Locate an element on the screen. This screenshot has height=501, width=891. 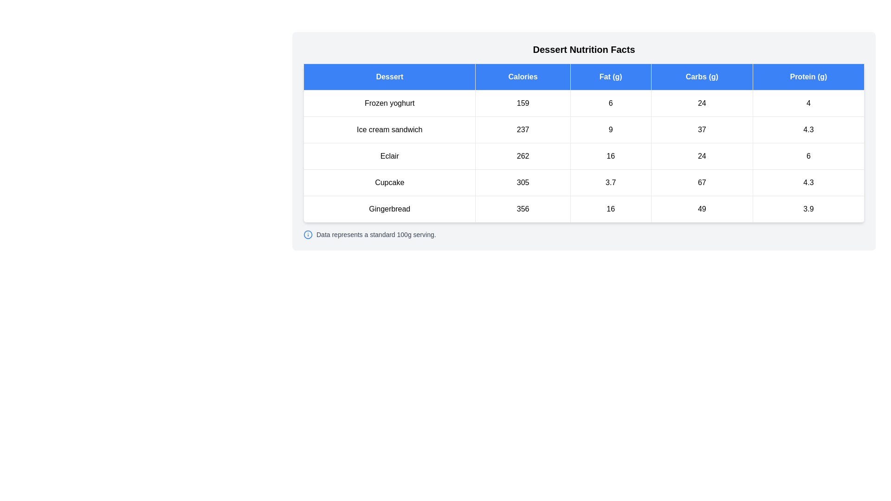
the row corresponding to Ice cream sandwich is located at coordinates (583, 130).